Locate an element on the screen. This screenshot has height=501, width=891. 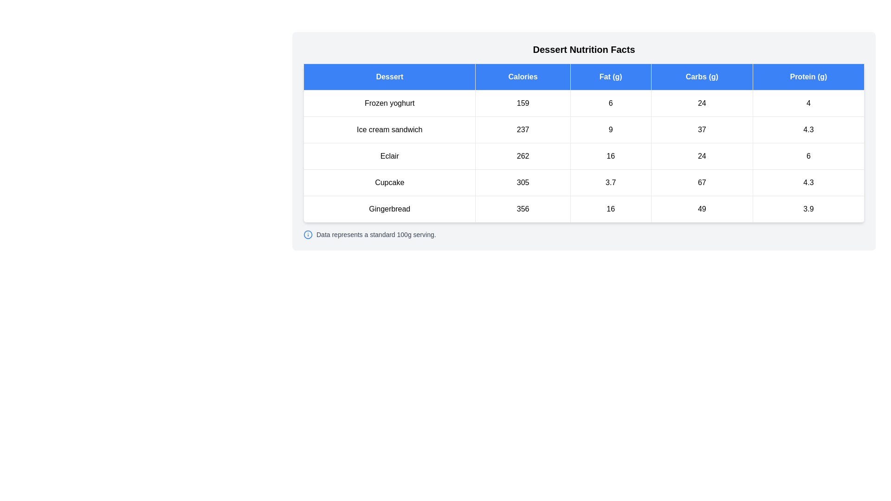
the row corresponding to Ice cream sandwich is located at coordinates (583, 130).